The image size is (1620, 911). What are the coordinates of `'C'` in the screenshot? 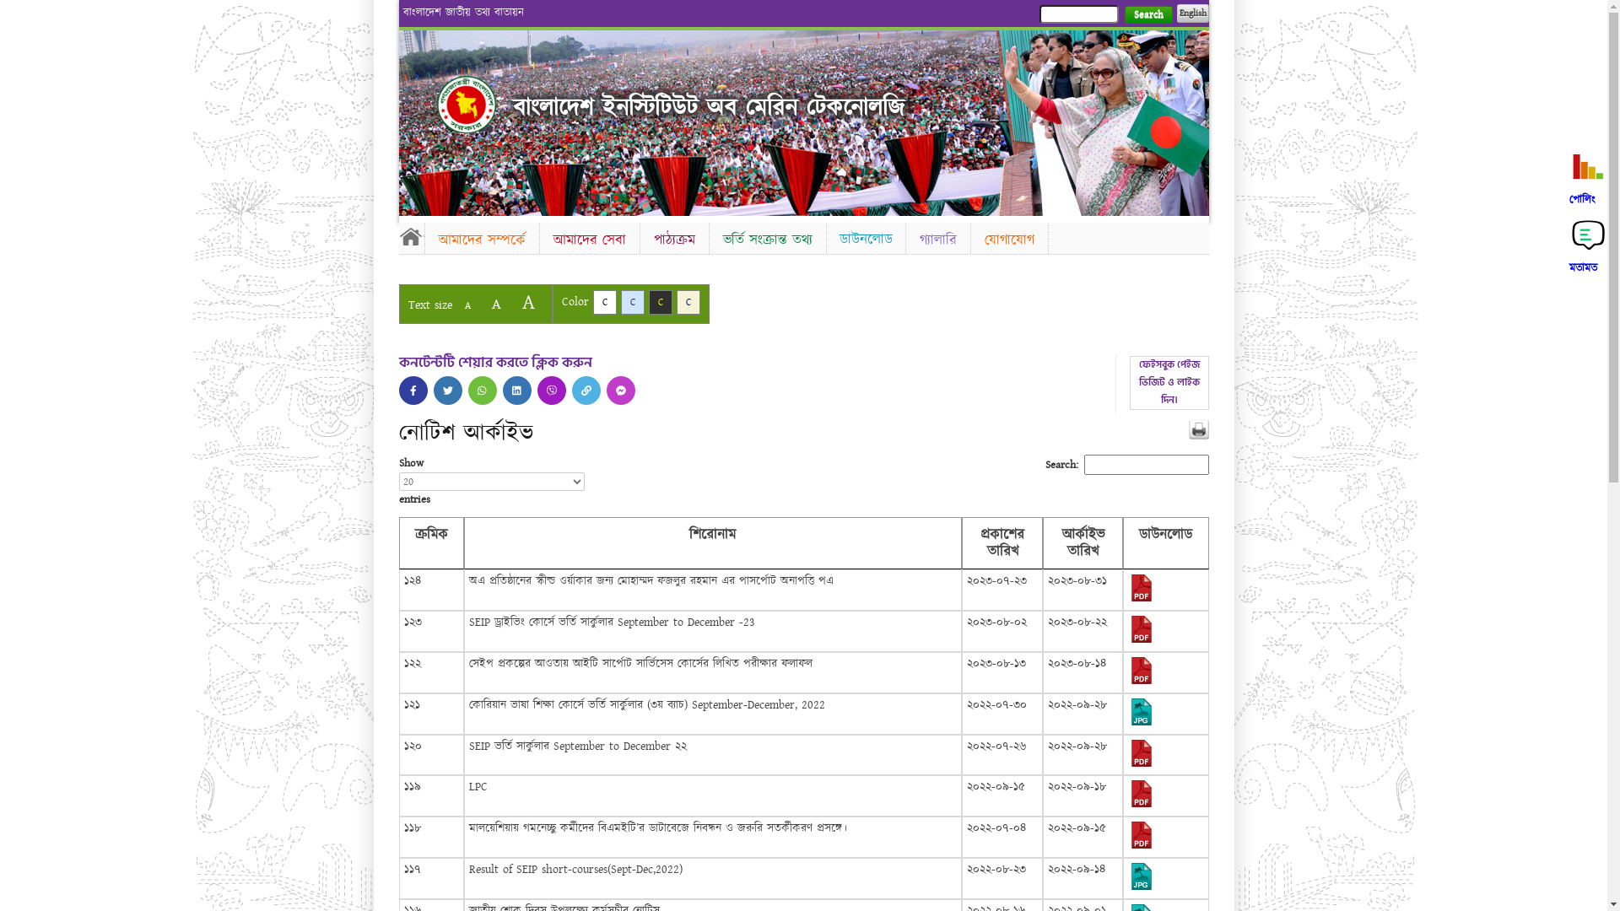 It's located at (647, 301).